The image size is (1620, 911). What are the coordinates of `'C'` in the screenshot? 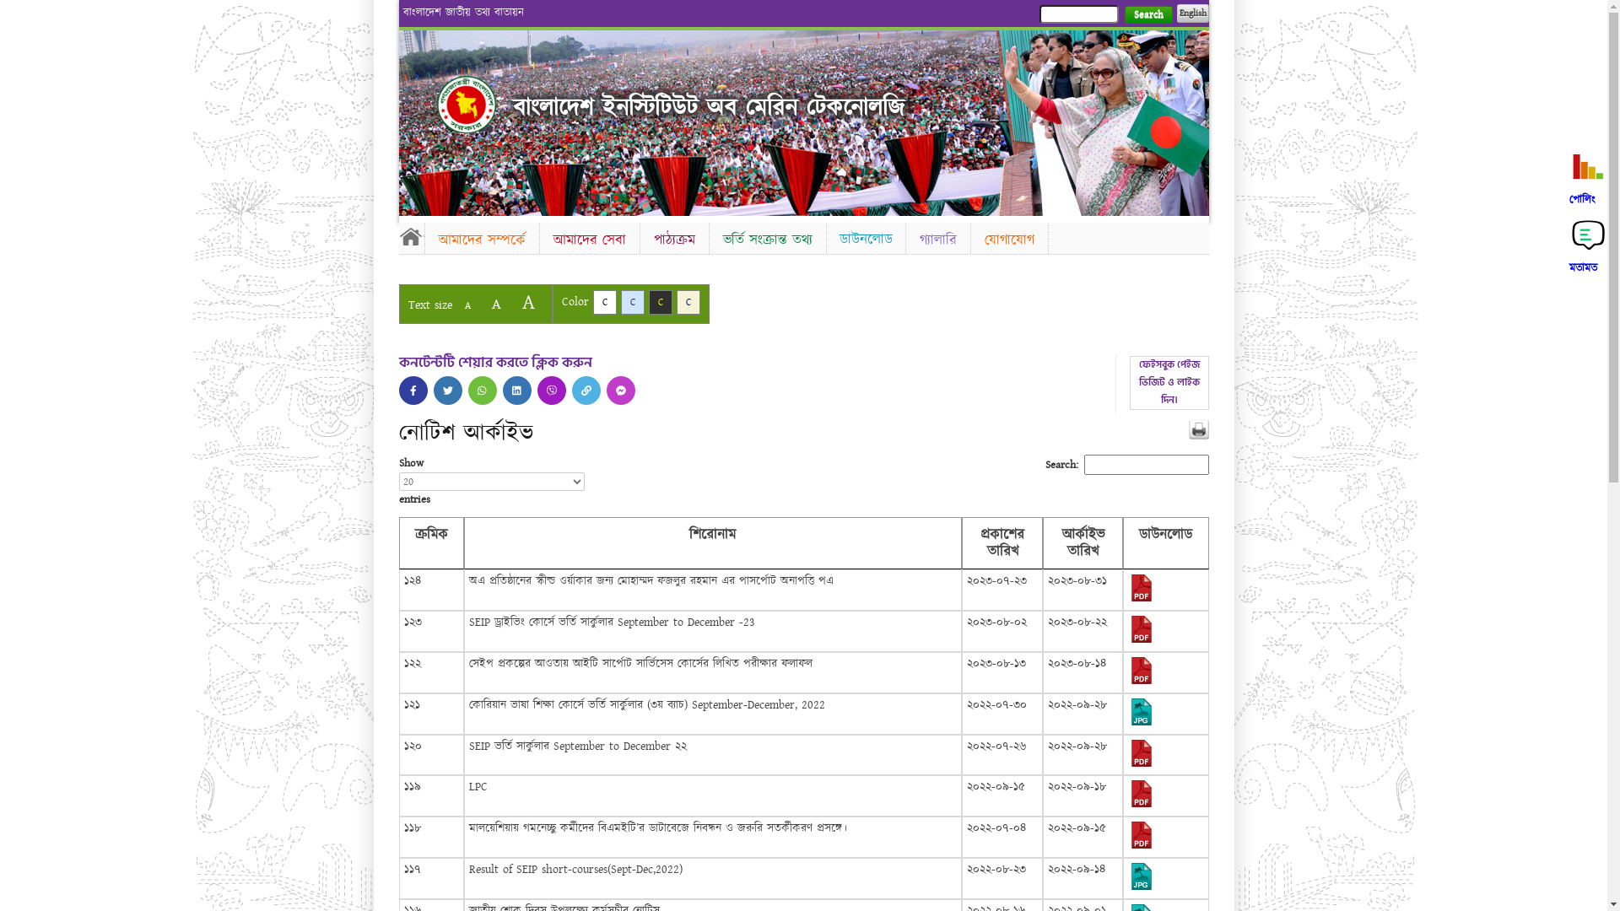 It's located at (647, 301).